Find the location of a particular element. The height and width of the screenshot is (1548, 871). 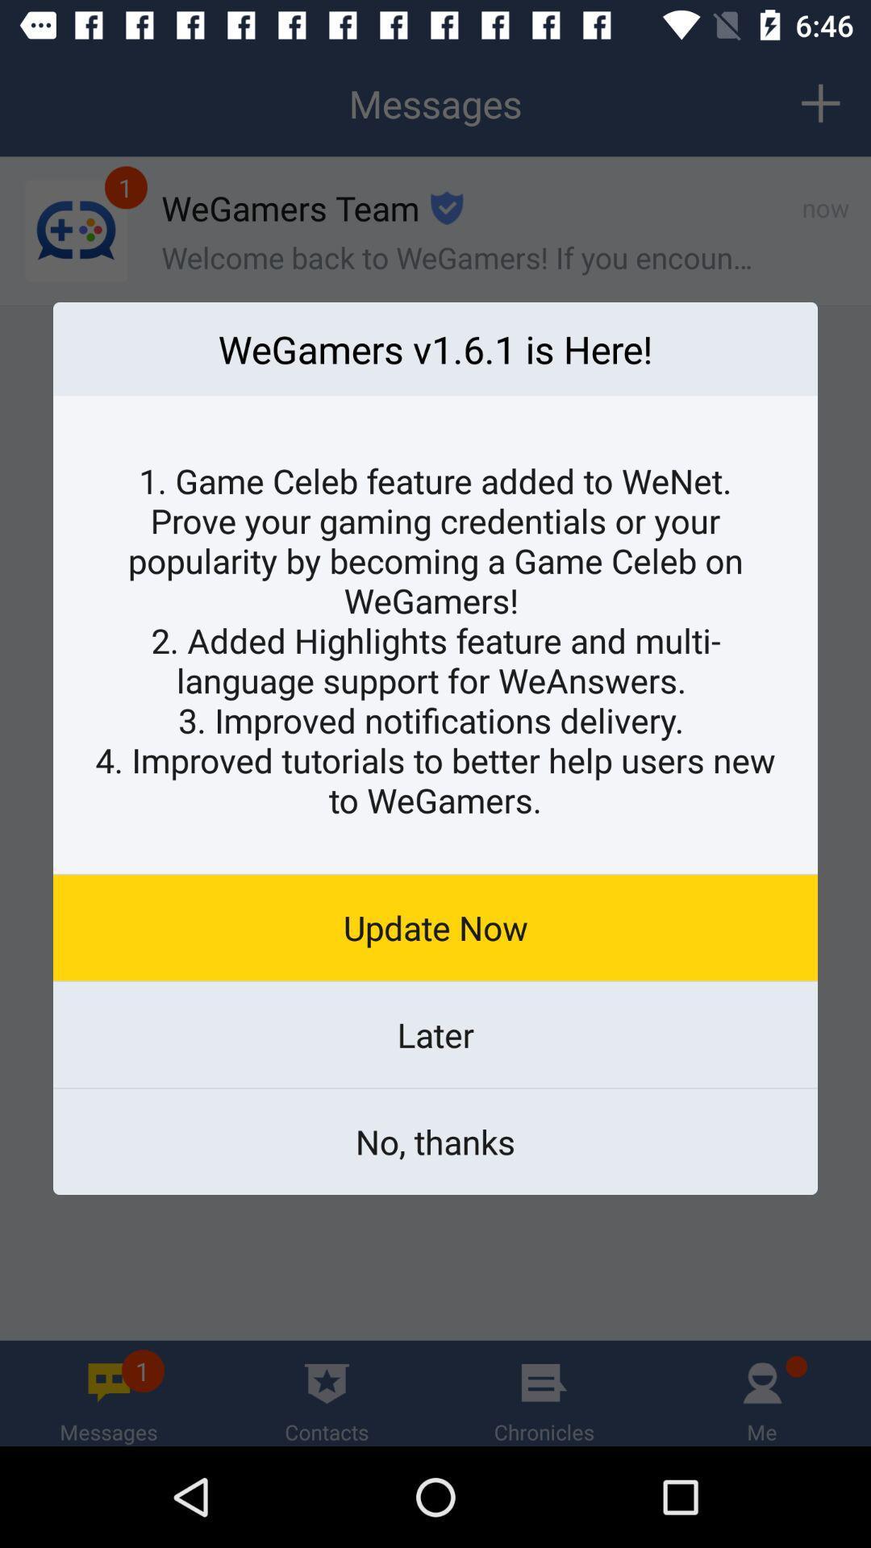

the later icon is located at coordinates (435, 1034).